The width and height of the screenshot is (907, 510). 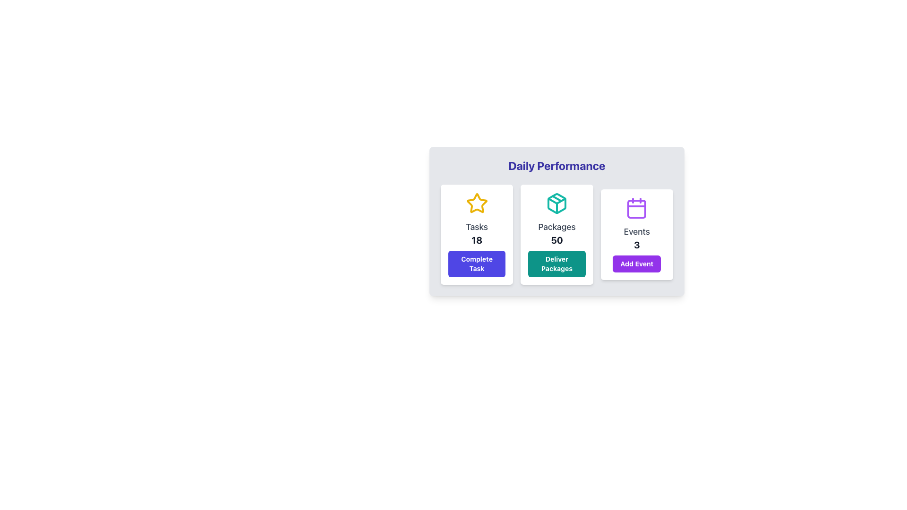 I want to click on the star icon located at the top-left of the 'Tasks' card in the 'Daily Performance' section, which symbolizes achievement related to the tasks metric, so click(x=477, y=203).